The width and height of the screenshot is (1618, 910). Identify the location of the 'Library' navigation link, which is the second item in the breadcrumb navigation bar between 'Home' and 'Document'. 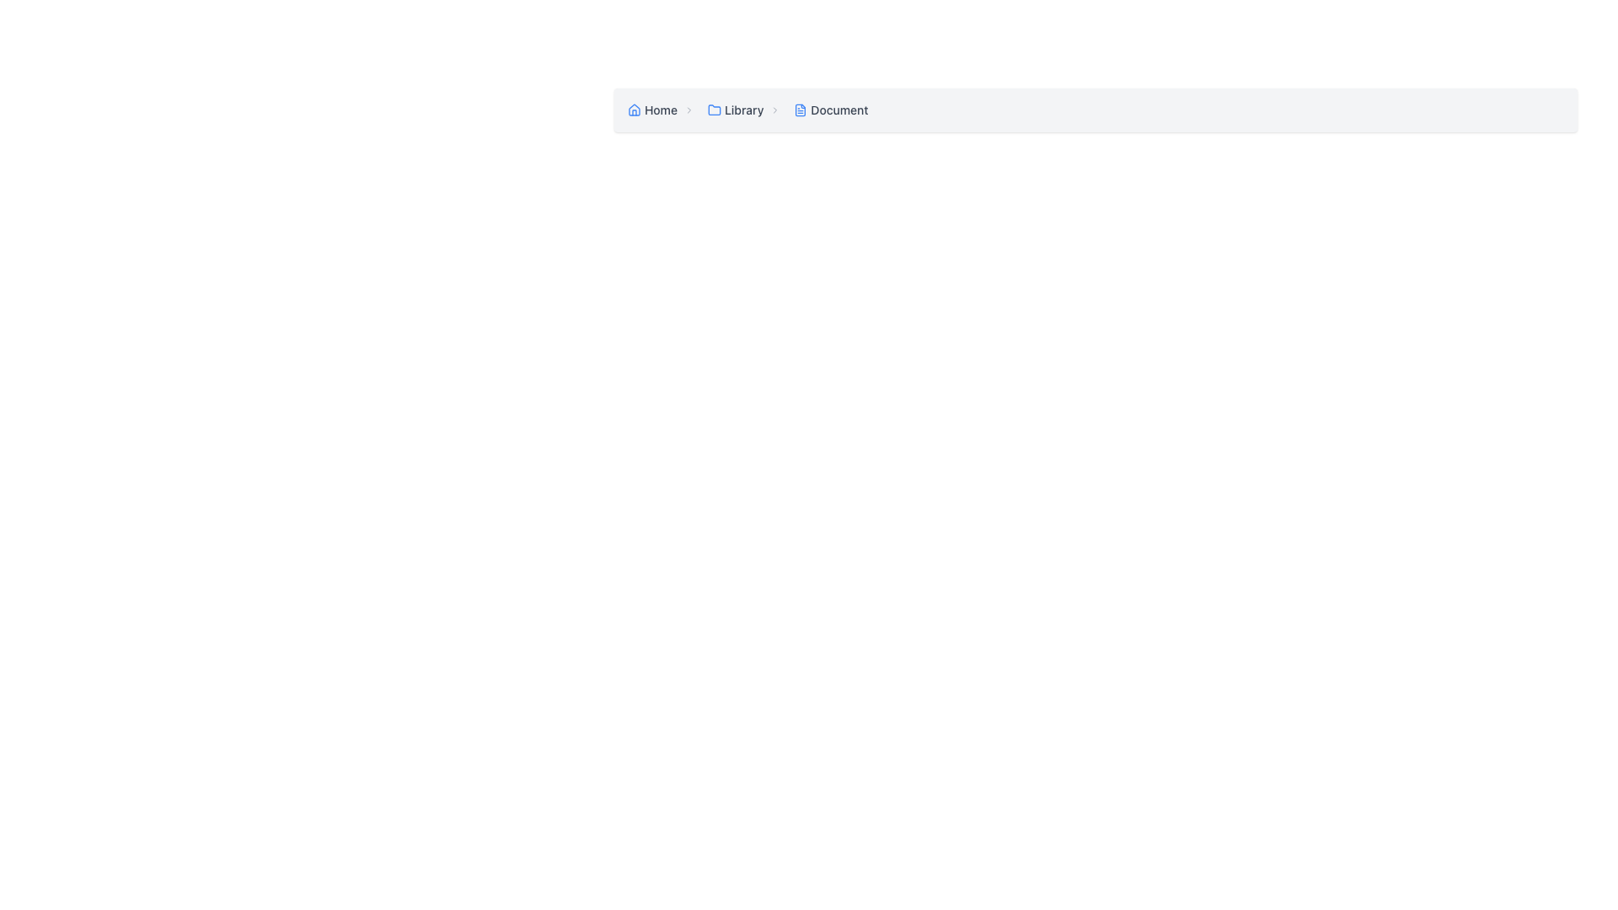
(747, 110).